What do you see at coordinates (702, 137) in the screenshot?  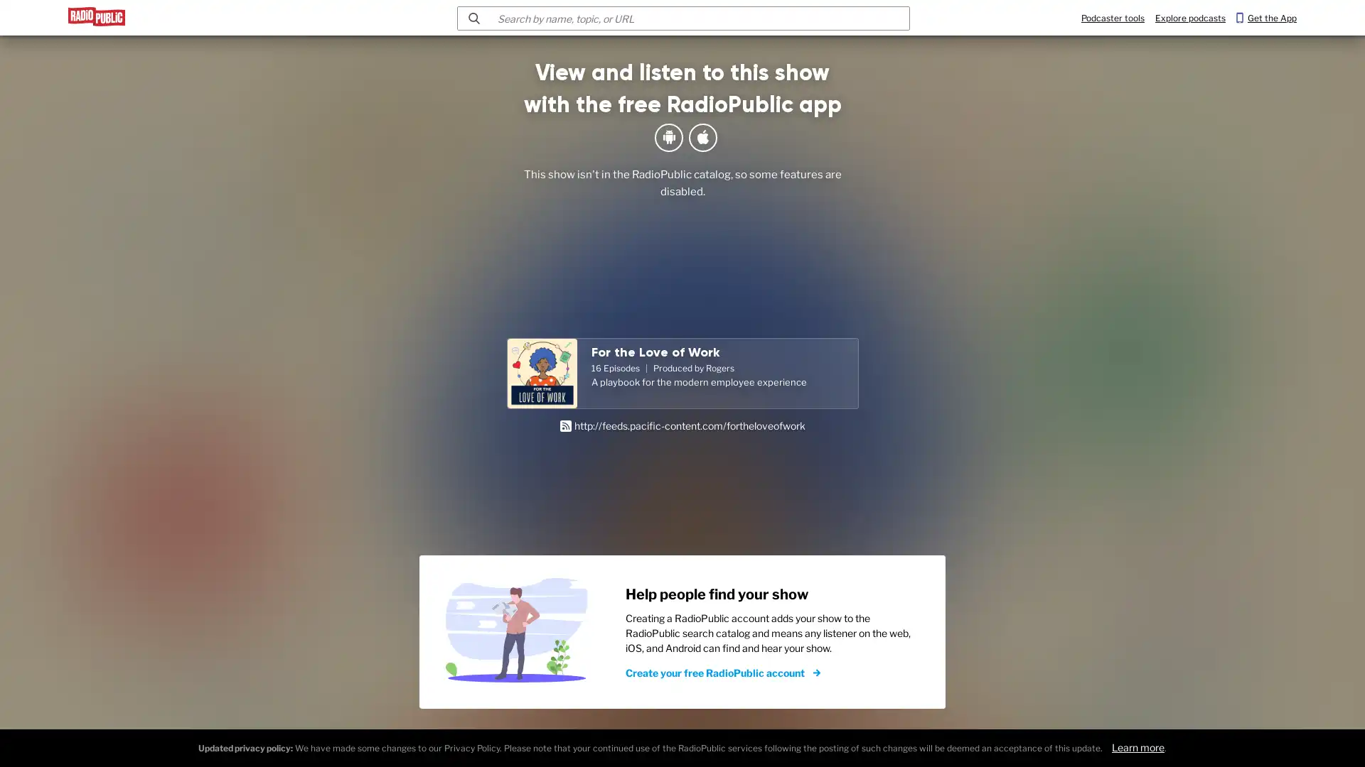 I see `Download RadioPublic for iOS` at bounding box center [702, 137].